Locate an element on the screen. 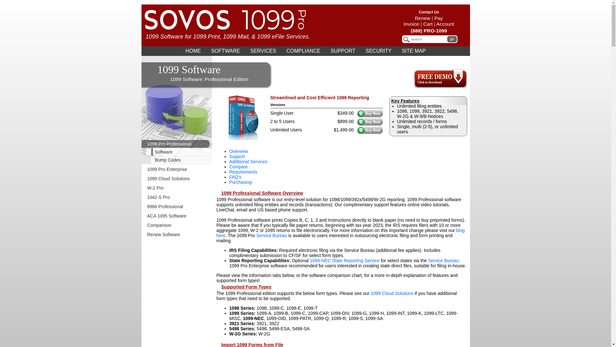 The image size is (616, 347). 'W-2 Pro' is located at coordinates (176, 188).